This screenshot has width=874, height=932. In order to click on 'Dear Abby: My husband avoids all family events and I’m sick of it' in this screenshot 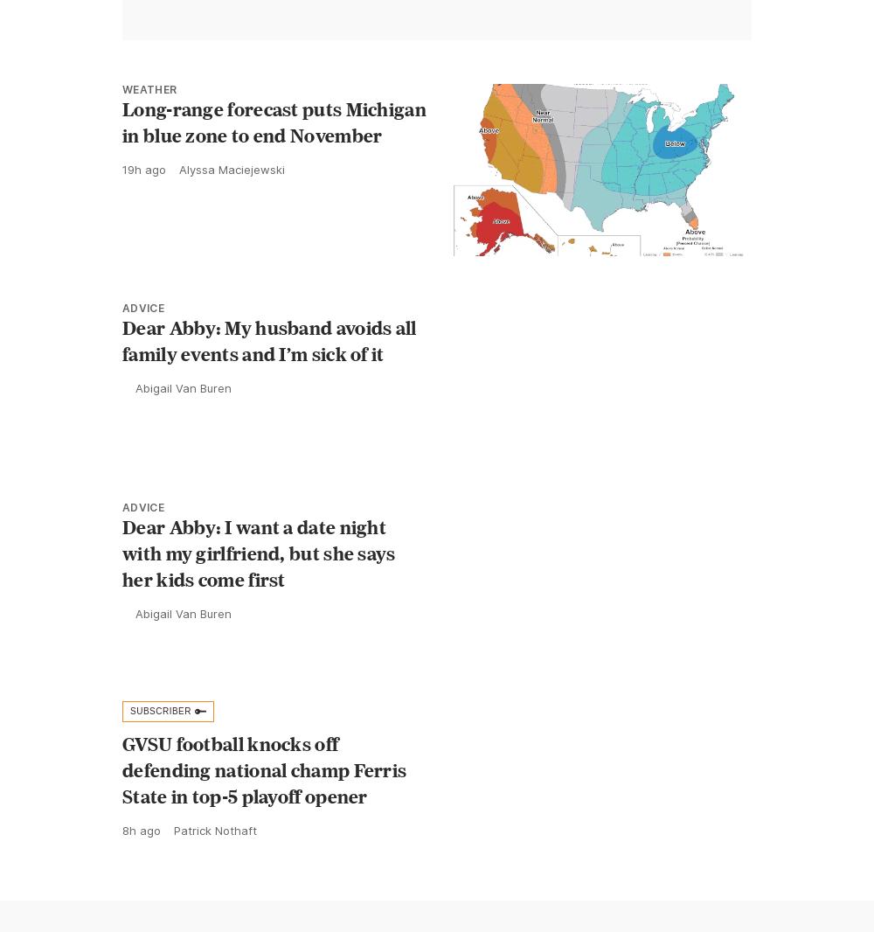, I will do `click(269, 339)`.